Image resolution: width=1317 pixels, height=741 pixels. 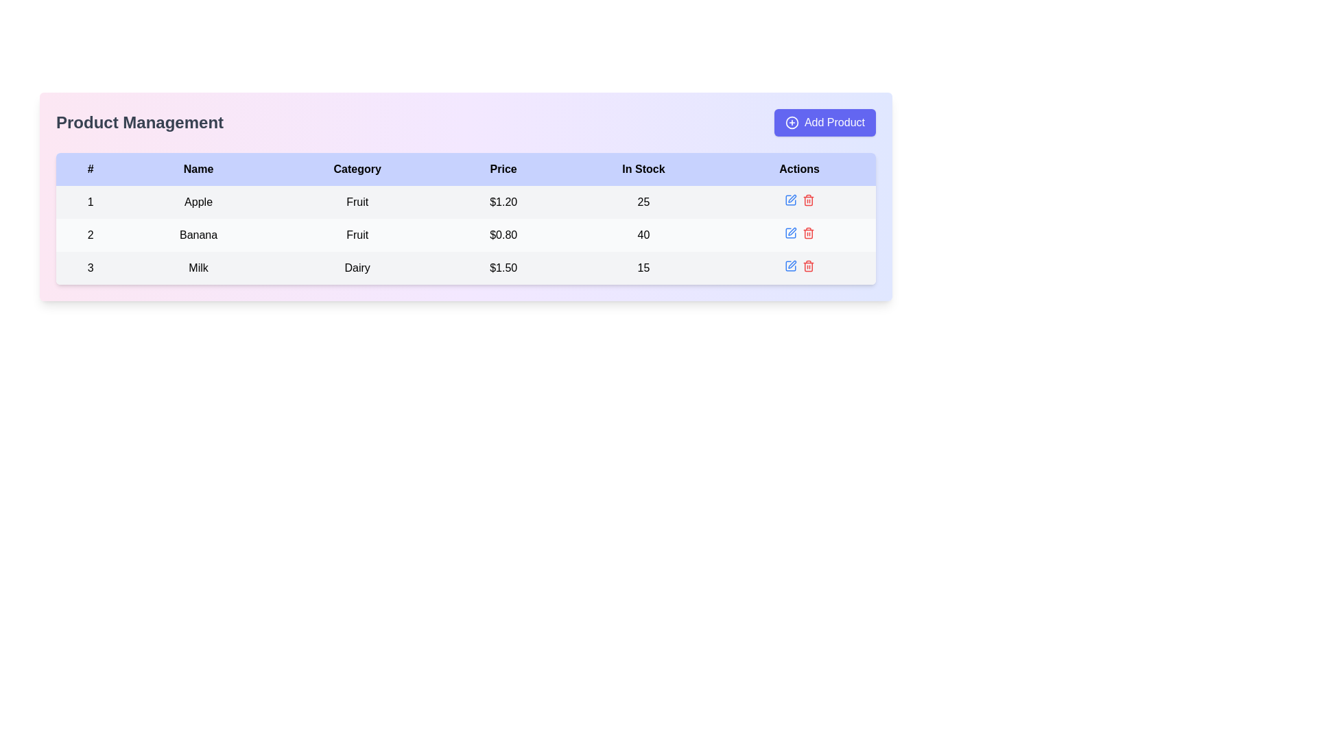 What do you see at coordinates (643, 168) in the screenshot?
I see `the 'Stock Availability' text label in the fifth column of the table header, which indicates the content related to stock availability` at bounding box center [643, 168].